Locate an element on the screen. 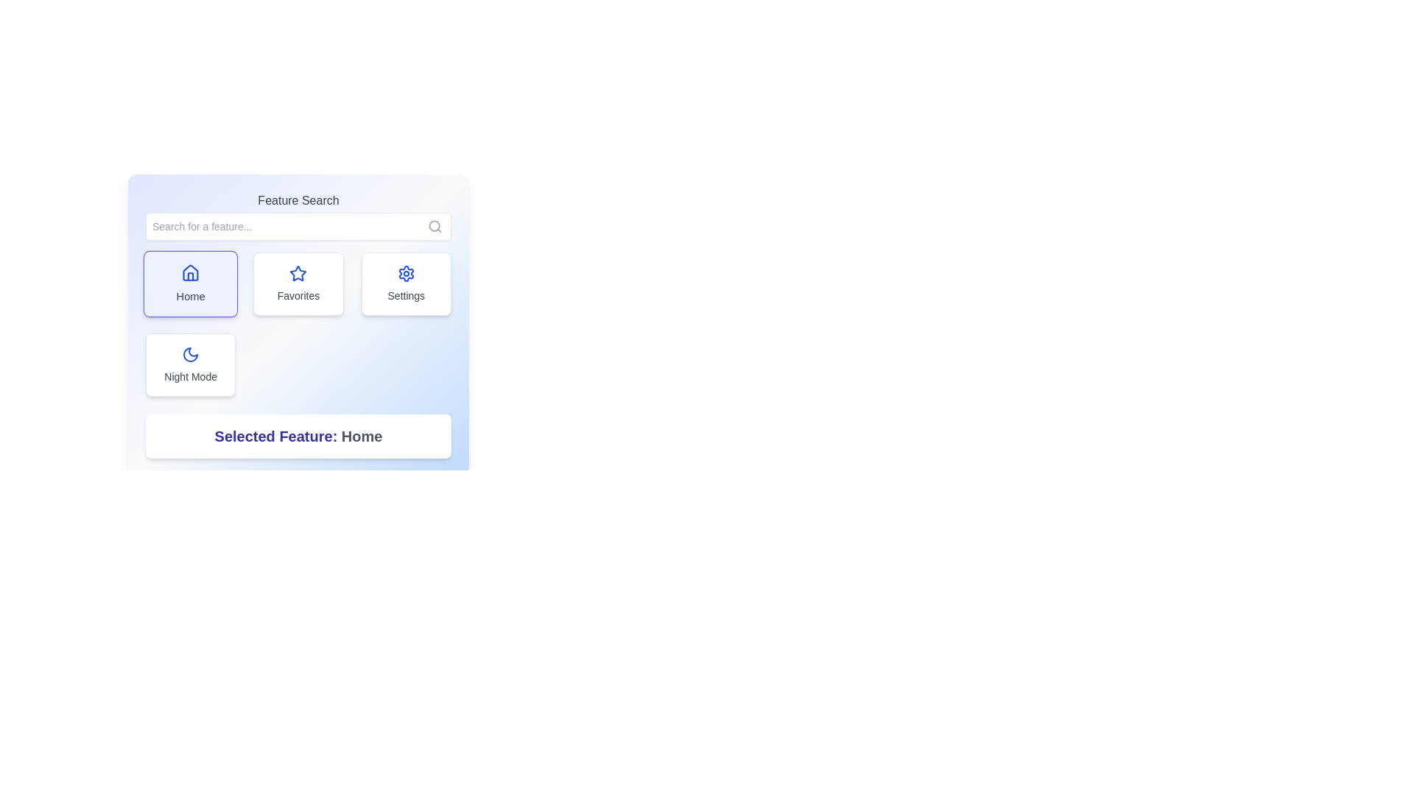 The width and height of the screenshot is (1414, 795). on the settings icon located in the upper section of the 'Settings' card, which is in the top-right quadrant of the grid of feature cards, above the text label 'Settings' is located at coordinates (406, 273).